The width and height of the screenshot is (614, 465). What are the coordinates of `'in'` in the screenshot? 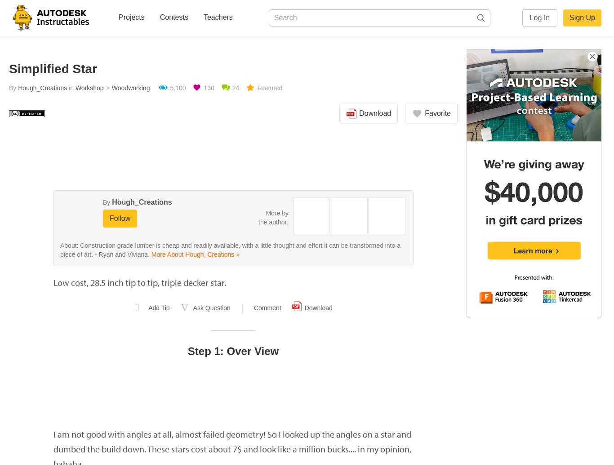 It's located at (71, 88).